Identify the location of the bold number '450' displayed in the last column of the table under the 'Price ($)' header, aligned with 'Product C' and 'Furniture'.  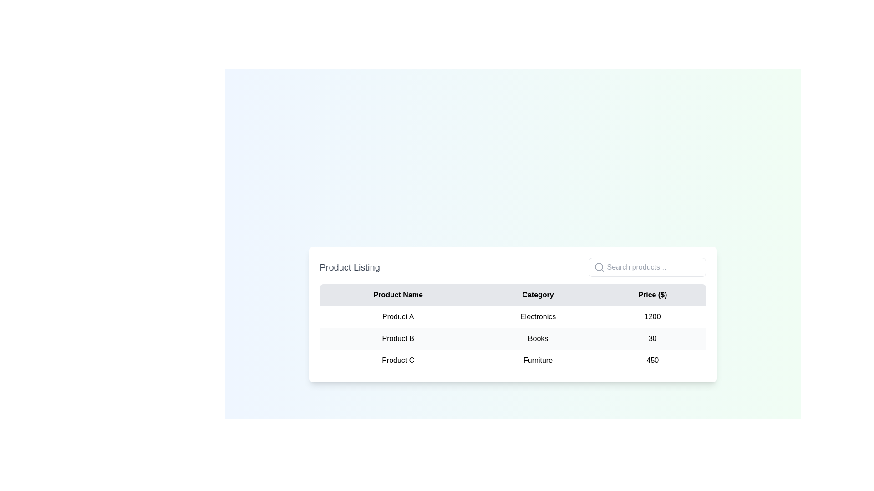
(652, 360).